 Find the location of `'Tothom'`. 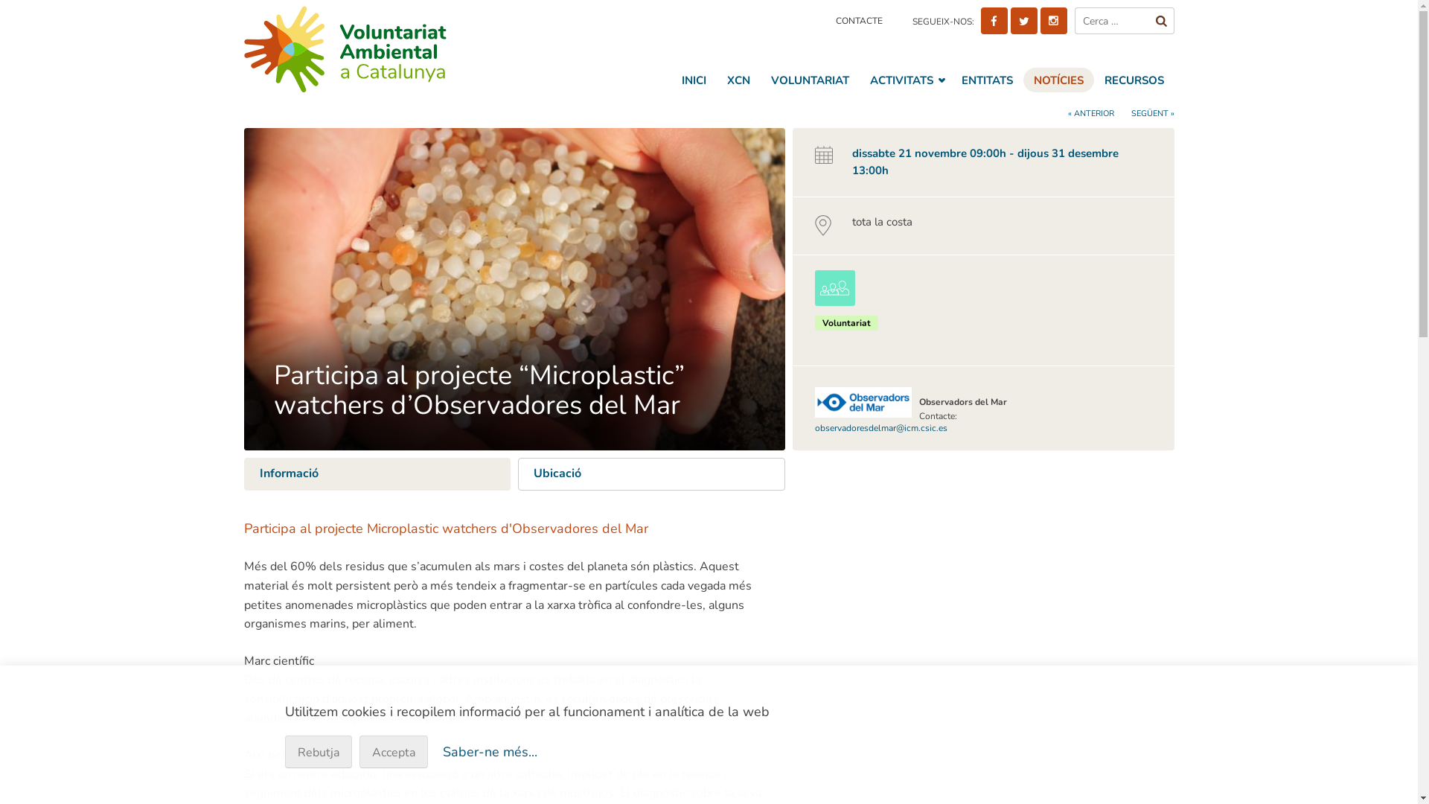

'Tothom' is located at coordinates (813, 287).